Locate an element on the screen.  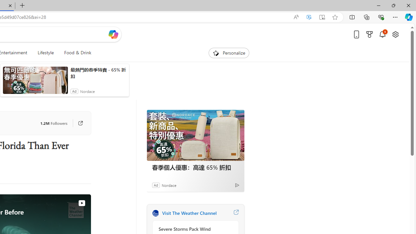
'Enhance video' is located at coordinates (309, 17).